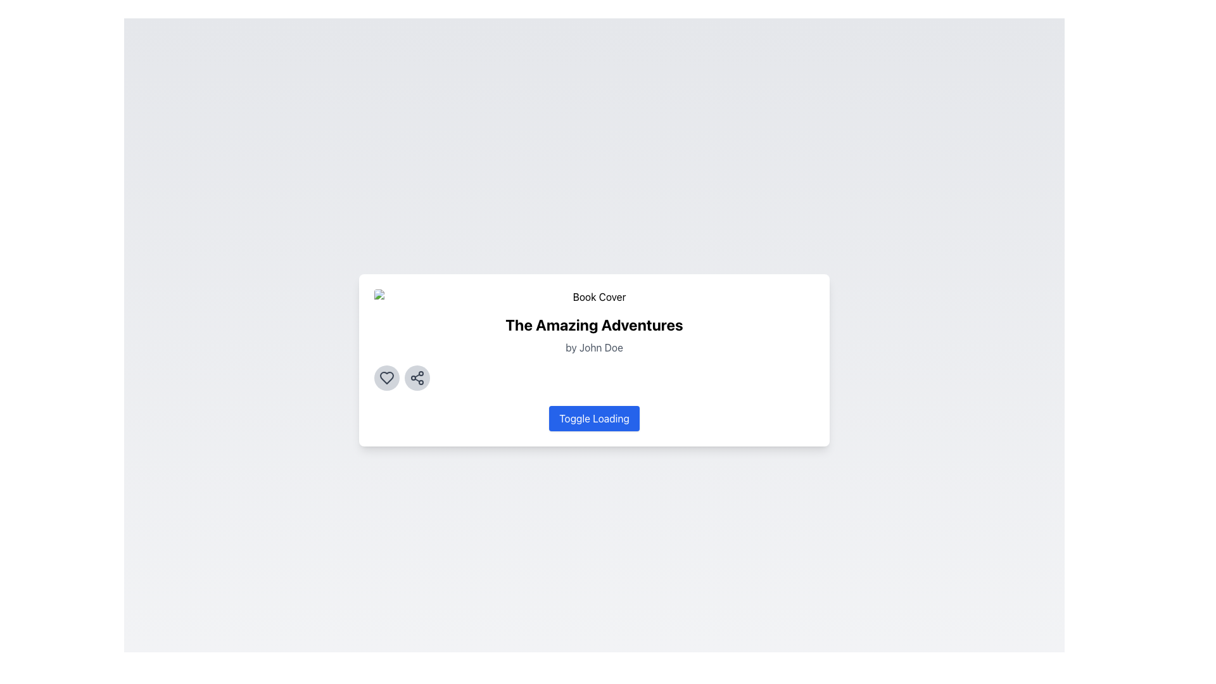 The width and height of the screenshot is (1216, 684). I want to click on the heart-shaped icon with a dark gray stroke located in the middle row of symbols below the main title of the card layout, so click(386, 377).